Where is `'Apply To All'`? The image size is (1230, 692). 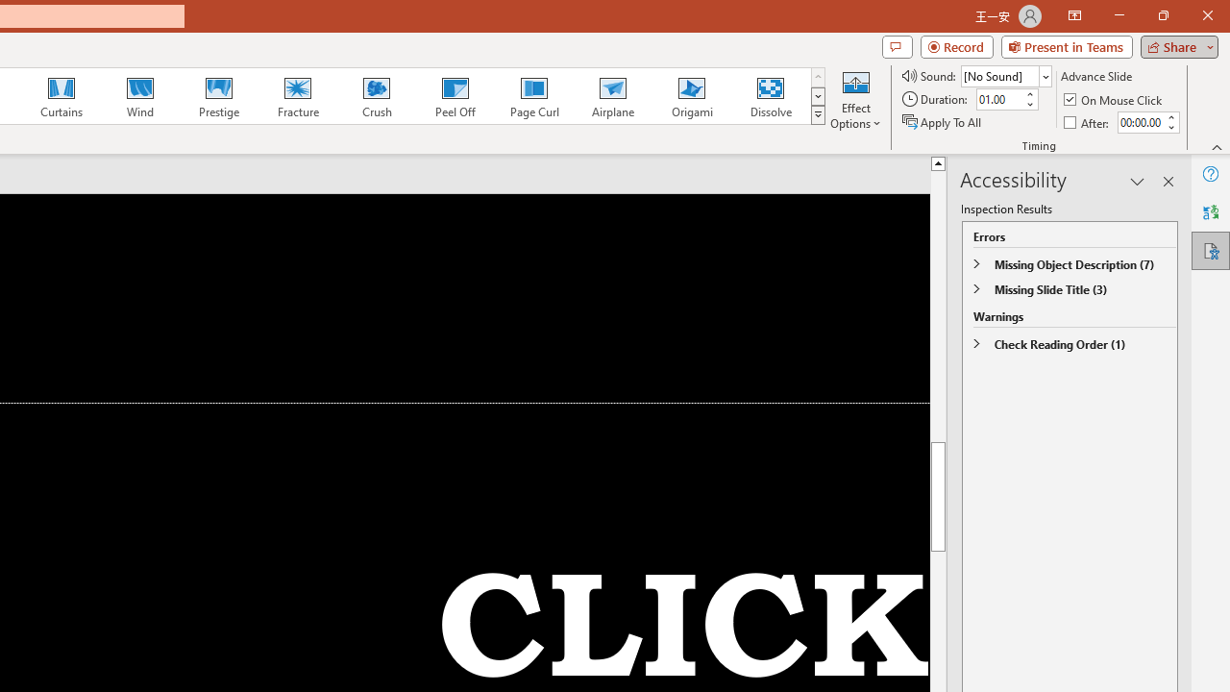
'Apply To All' is located at coordinates (943, 122).